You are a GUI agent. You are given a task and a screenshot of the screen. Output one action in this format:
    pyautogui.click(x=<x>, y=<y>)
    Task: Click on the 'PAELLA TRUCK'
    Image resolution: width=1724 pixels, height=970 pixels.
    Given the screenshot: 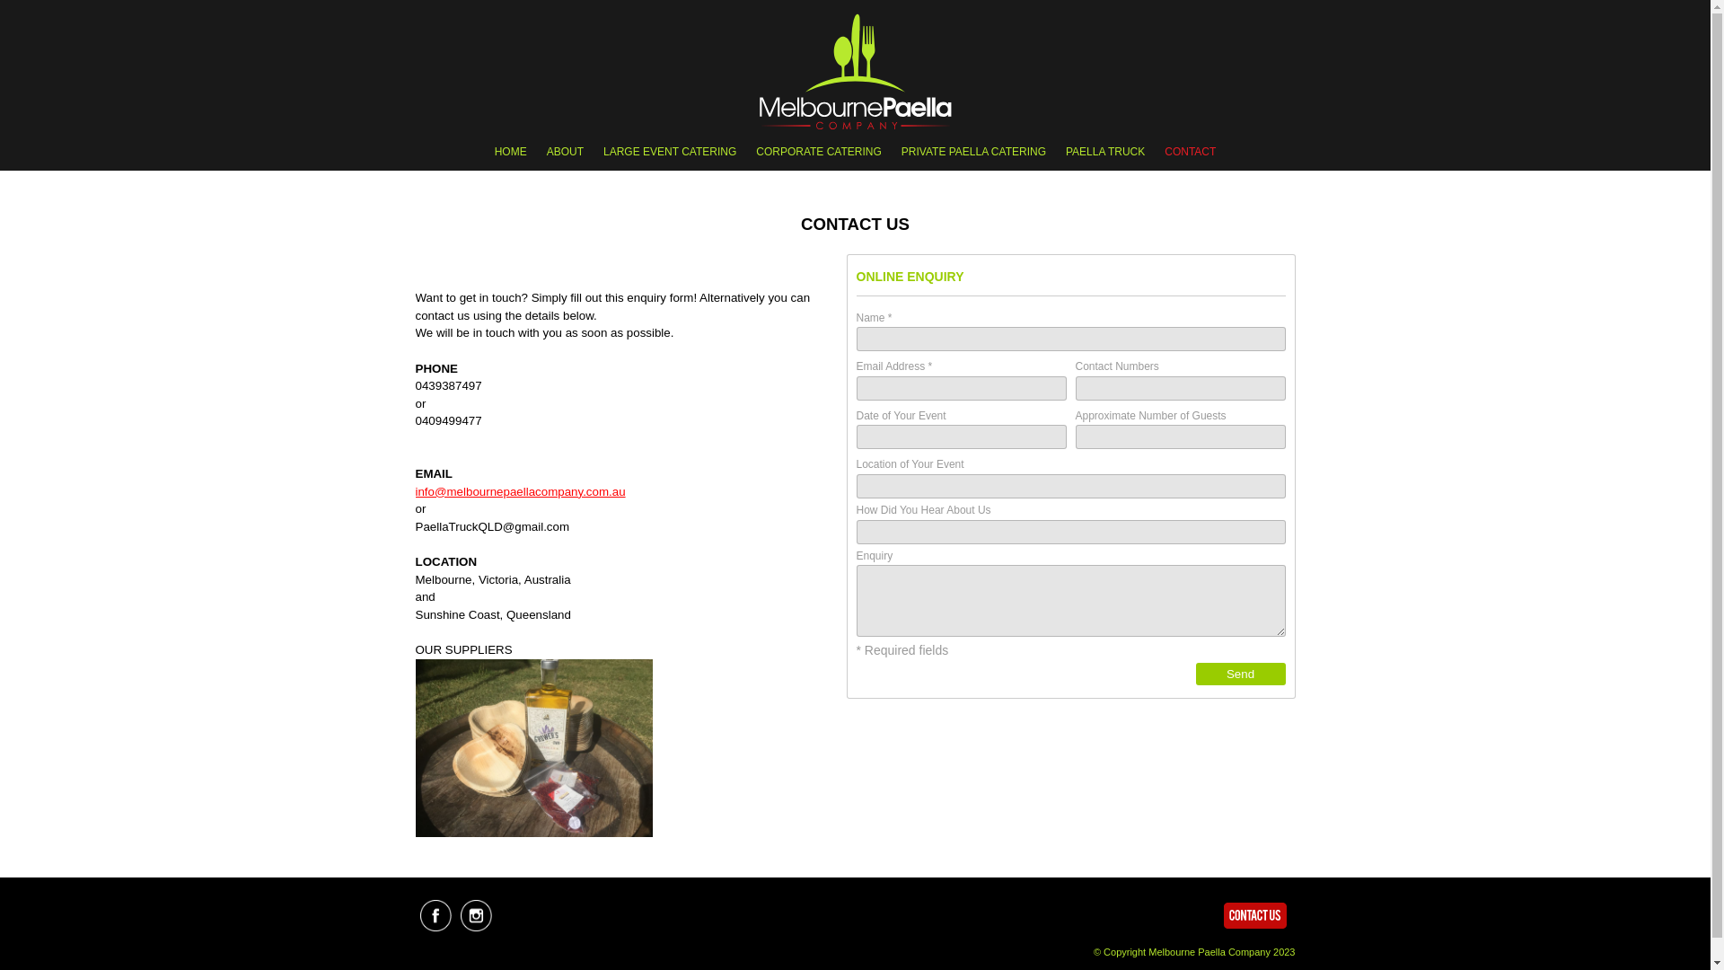 What is the action you would take?
    pyautogui.click(x=1104, y=151)
    